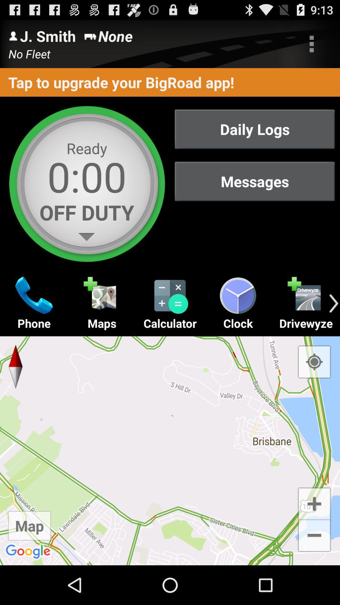 This screenshot has height=605, width=340. What do you see at coordinates (314, 362) in the screenshot?
I see `the icon below the drivewyze item` at bounding box center [314, 362].